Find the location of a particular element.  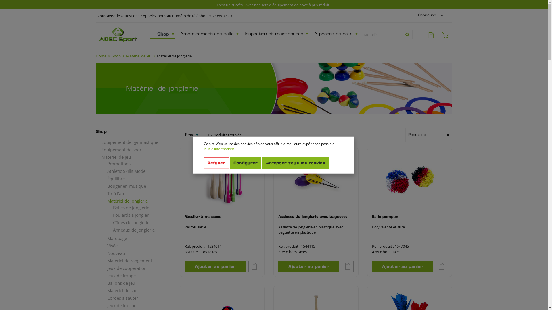

'Ajouter au panier' is located at coordinates (215, 266).